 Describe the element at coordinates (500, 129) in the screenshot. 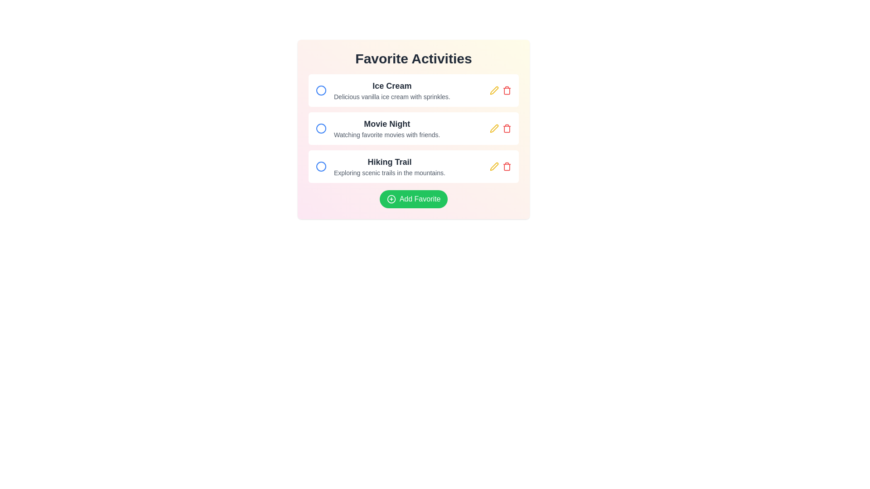

I see `the yellow pencil icon in the group of interactive icons to modify the activity associated with the 'Movie Night' activity card` at that location.